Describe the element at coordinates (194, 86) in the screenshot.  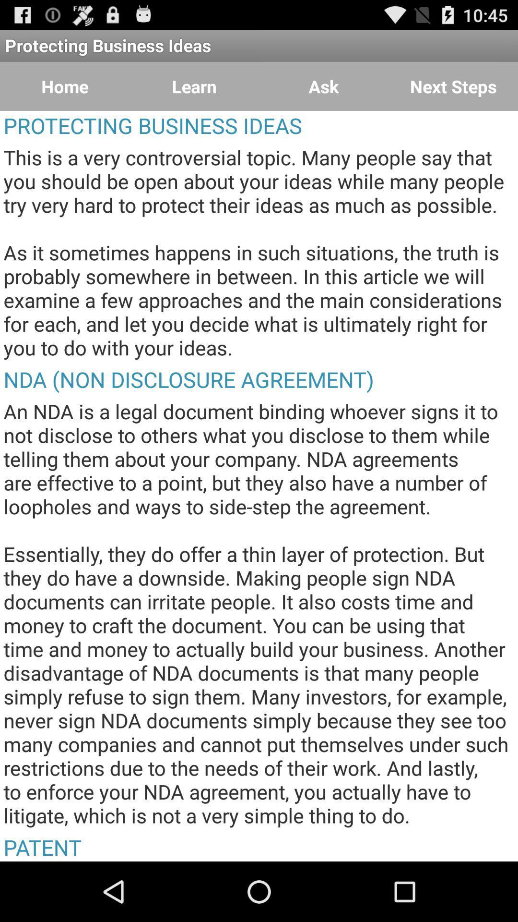
I see `learn icon` at that location.